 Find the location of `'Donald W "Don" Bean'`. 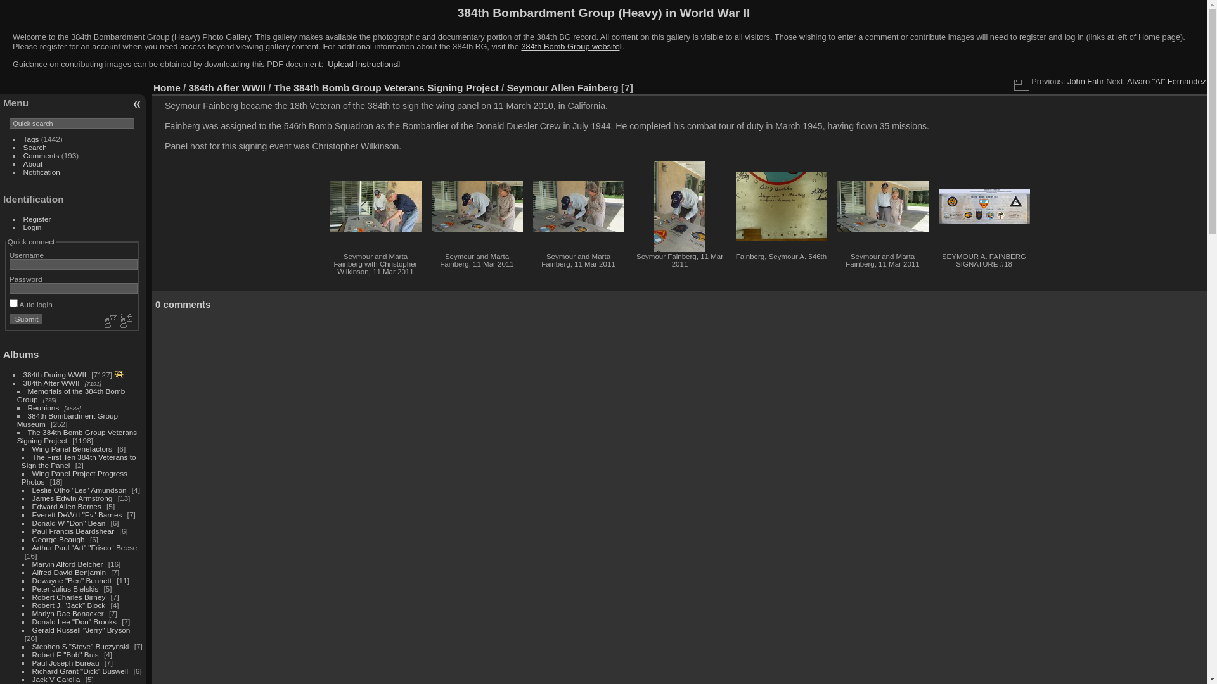

'Donald W "Don" Bean' is located at coordinates (68, 522).